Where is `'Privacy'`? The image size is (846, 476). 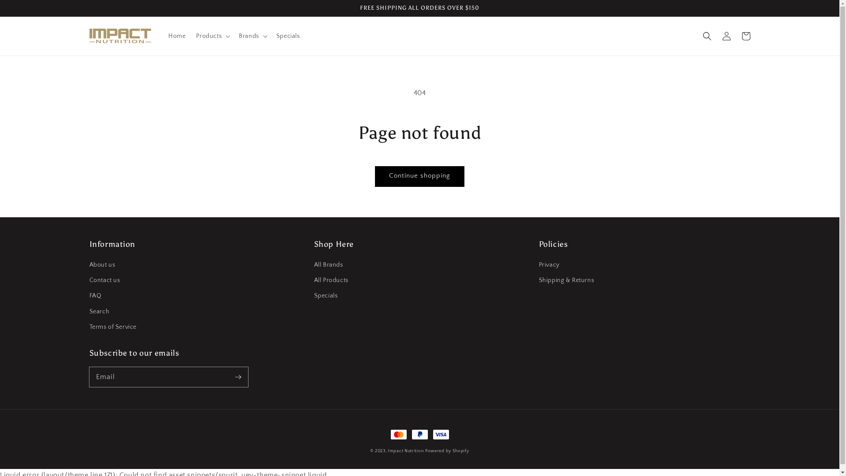
'Privacy' is located at coordinates (538, 266).